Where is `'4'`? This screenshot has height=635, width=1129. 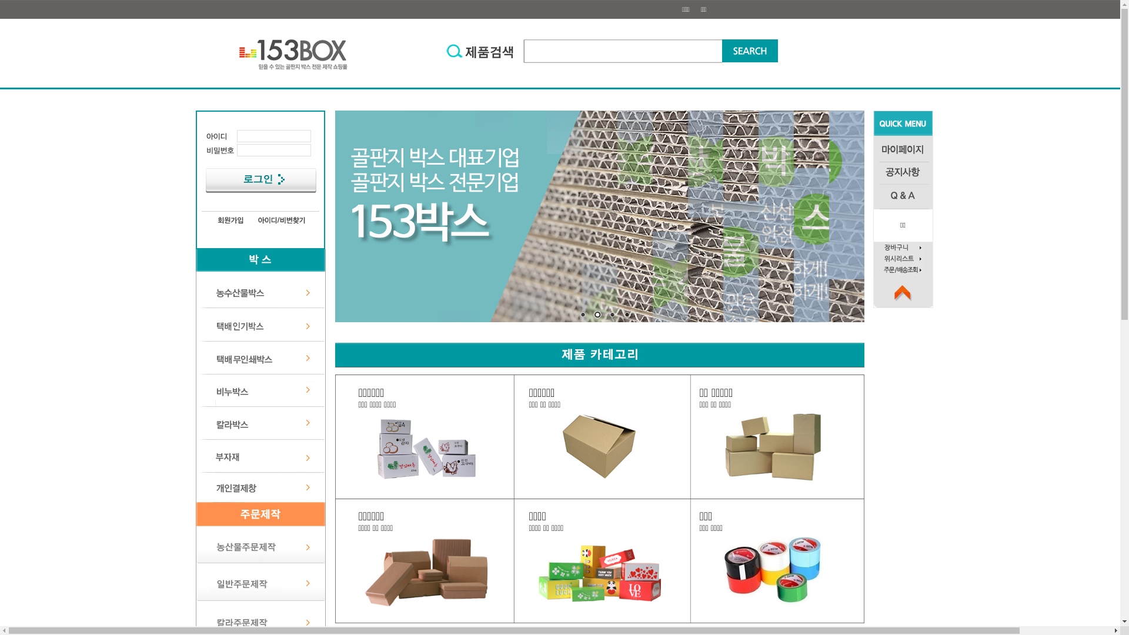 '4' is located at coordinates (626, 315).